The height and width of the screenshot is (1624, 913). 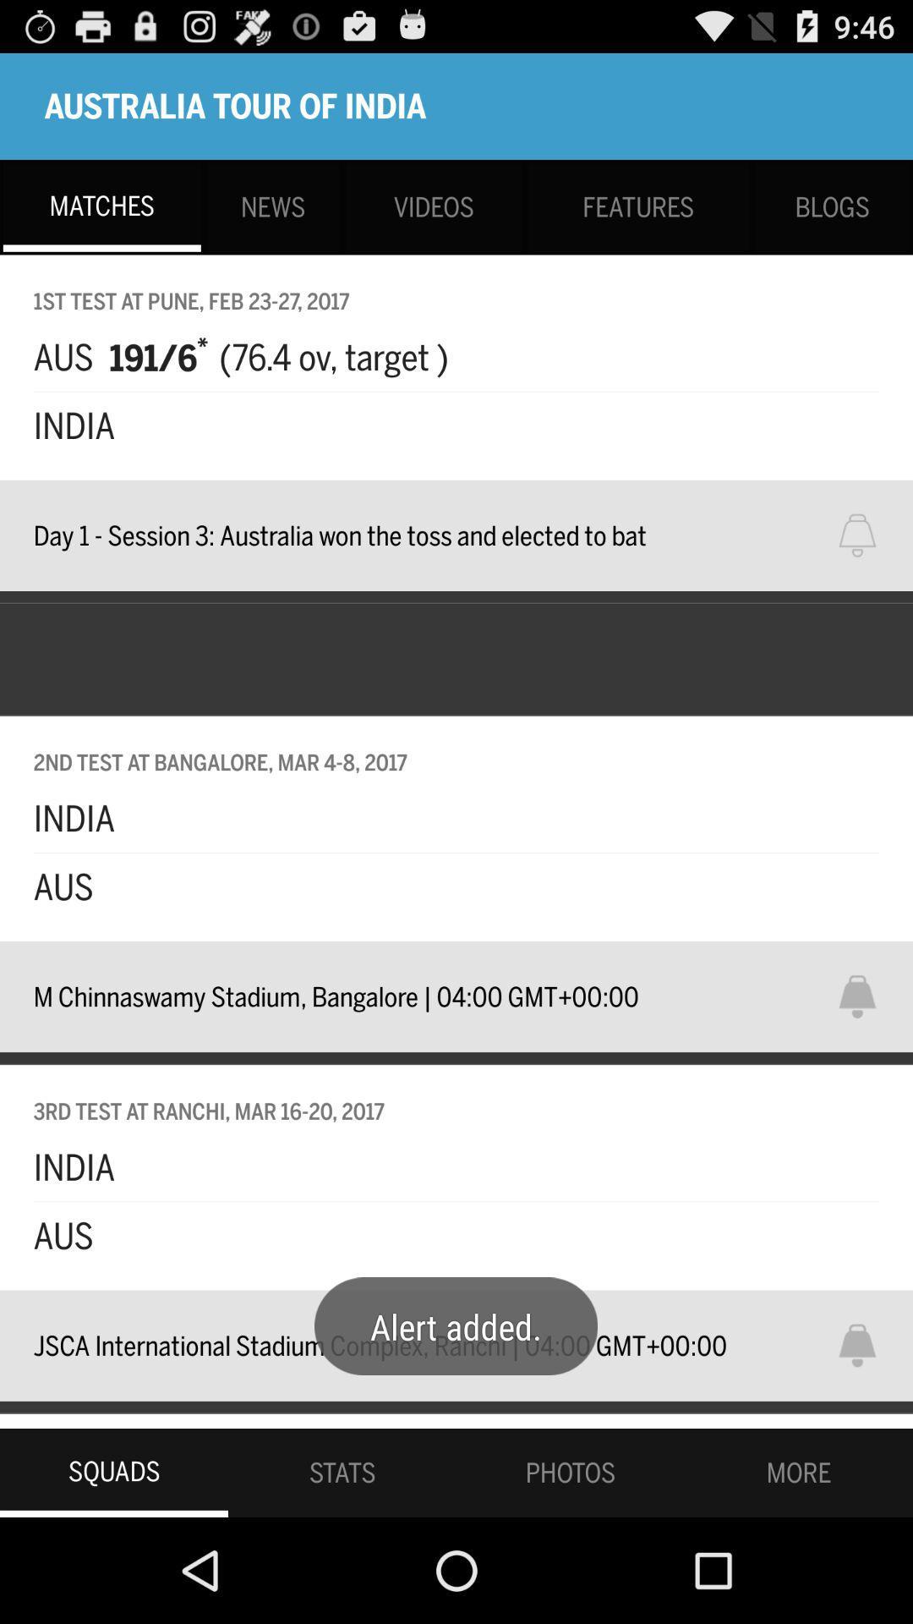 I want to click on for notification, so click(x=868, y=535).